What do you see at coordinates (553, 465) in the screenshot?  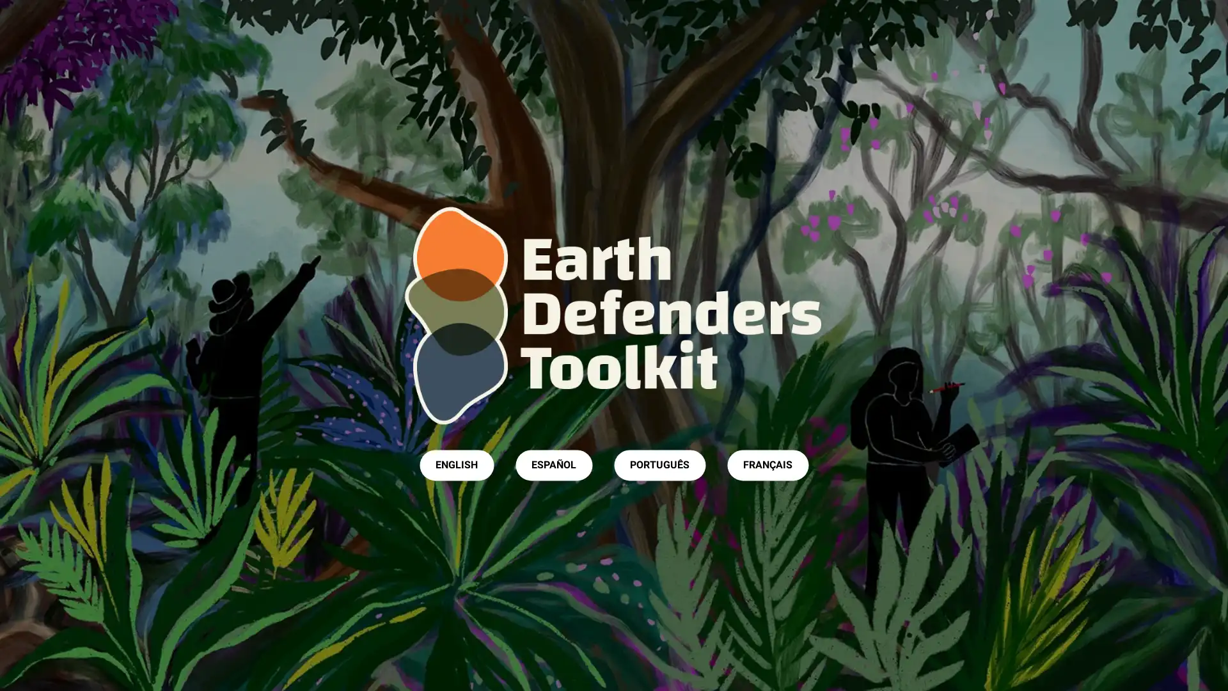 I see `ESPANOL` at bounding box center [553, 465].